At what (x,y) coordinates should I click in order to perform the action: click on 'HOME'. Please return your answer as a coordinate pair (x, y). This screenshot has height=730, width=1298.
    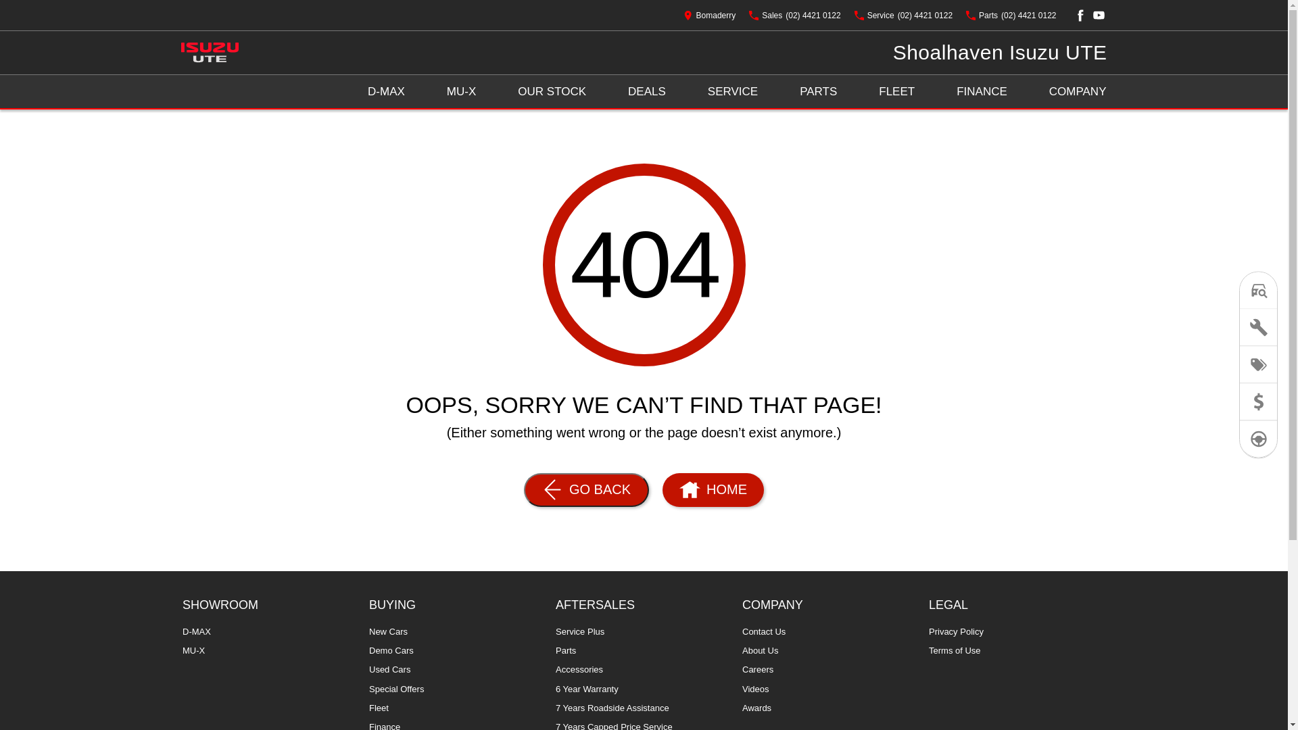
    Looking at the image, I should click on (713, 490).